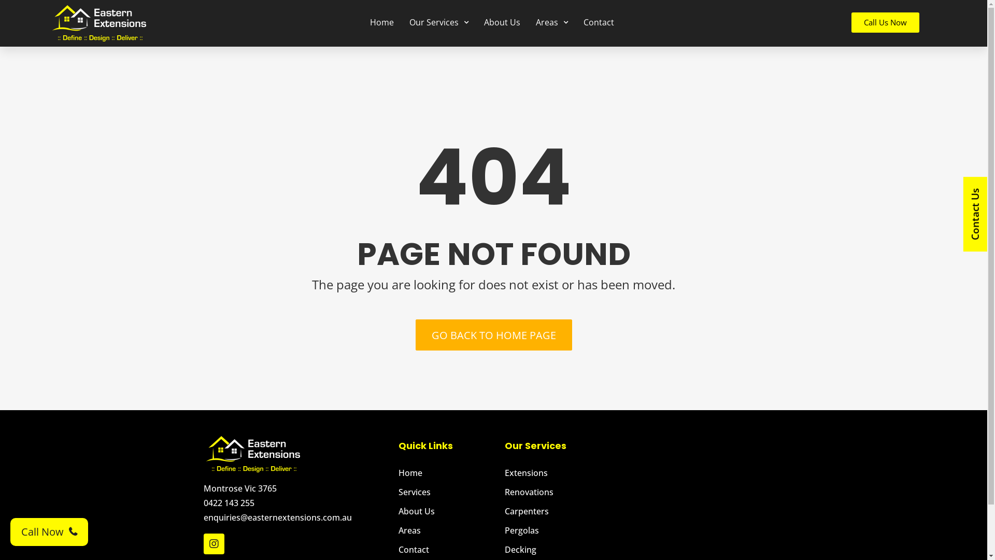 The image size is (995, 560). Describe the element at coordinates (446, 491) in the screenshot. I see `'Services'` at that location.